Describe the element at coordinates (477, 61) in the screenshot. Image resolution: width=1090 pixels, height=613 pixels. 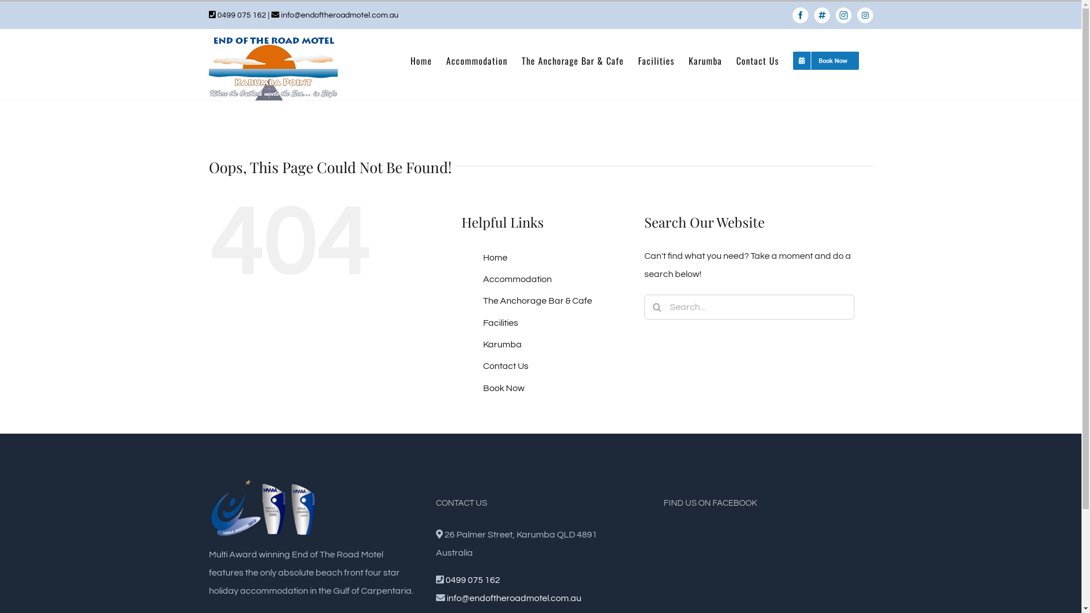
I see `'Accommodation'` at that location.